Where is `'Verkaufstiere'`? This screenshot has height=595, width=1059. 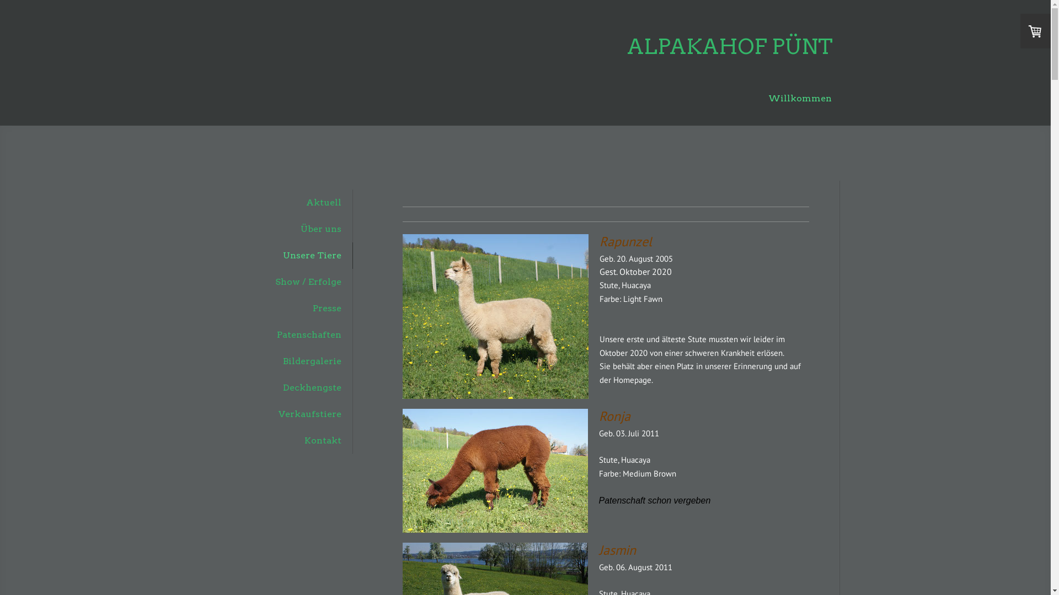 'Verkaufstiere' is located at coordinates (293, 414).